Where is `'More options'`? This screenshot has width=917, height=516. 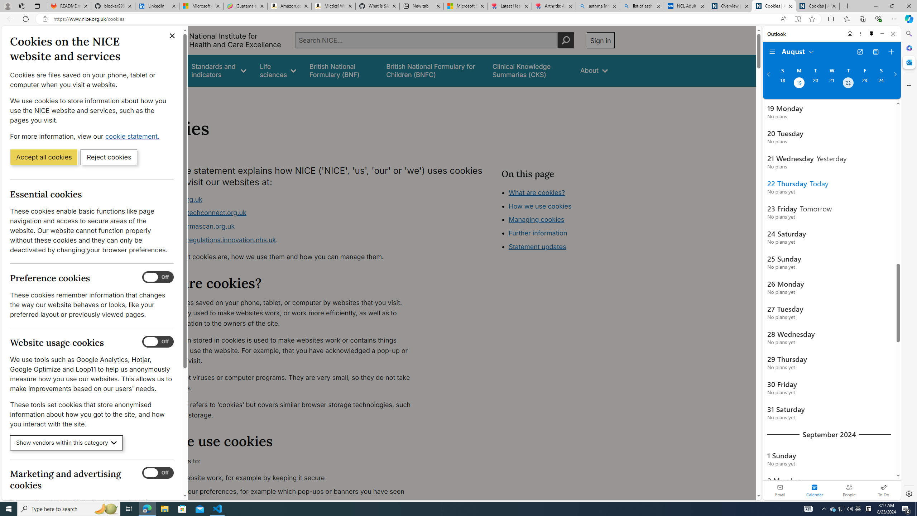 'More options' is located at coordinates (860, 33).